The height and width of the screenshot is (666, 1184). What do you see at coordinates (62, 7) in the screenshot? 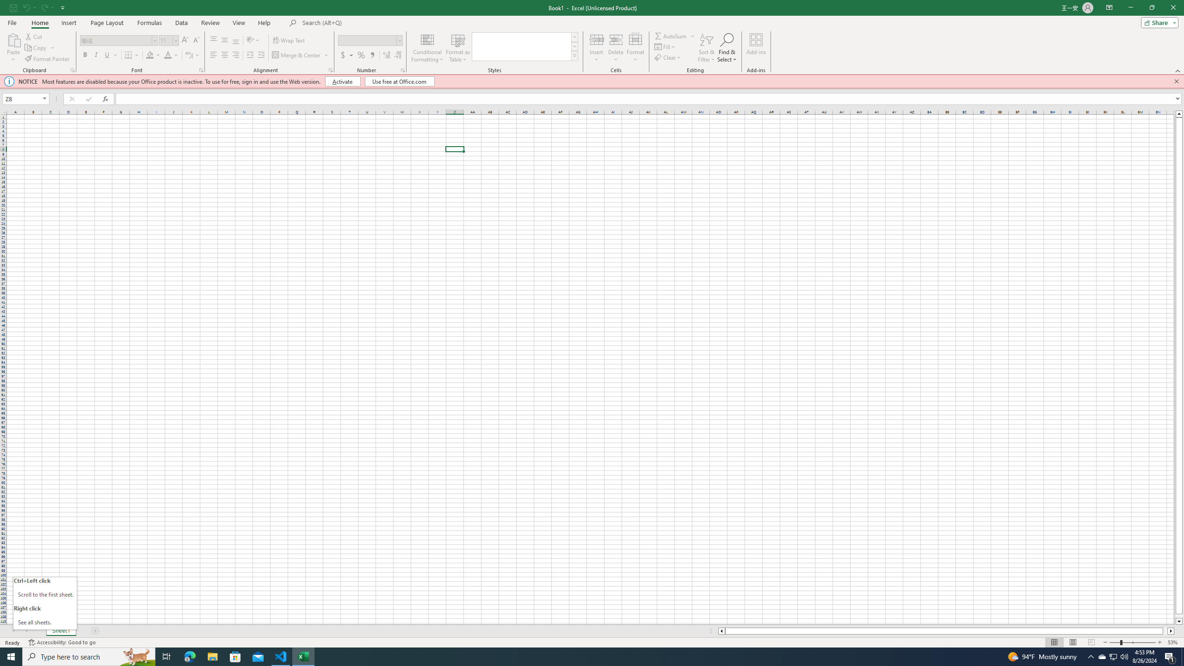
I see `'Customize Quick Access Toolbar'` at bounding box center [62, 7].